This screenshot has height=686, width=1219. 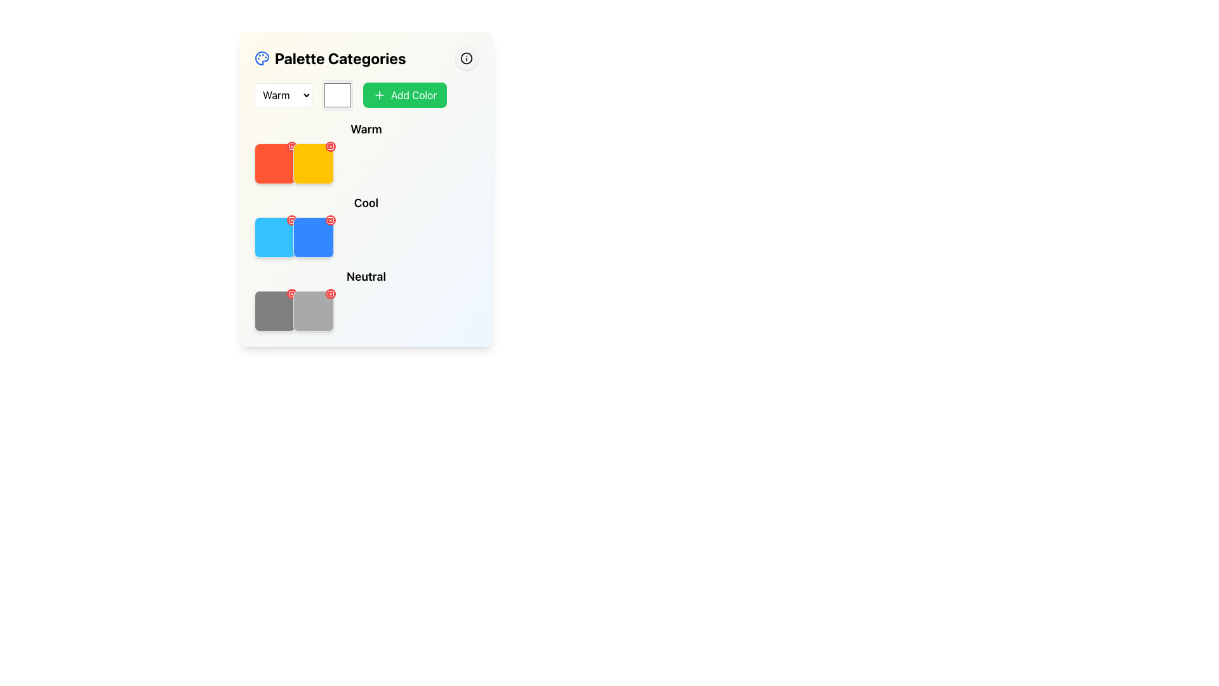 I want to click on the rounded square icon in the top right corner of the second color tile in the 'Cool' category, so click(x=331, y=220).